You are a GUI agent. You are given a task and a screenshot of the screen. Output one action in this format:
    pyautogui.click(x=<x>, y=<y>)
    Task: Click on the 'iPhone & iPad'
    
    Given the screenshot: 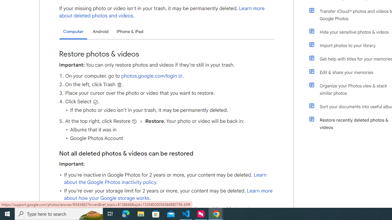 What is the action you would take?
    pyautogui.click(x=130, y=31)
    